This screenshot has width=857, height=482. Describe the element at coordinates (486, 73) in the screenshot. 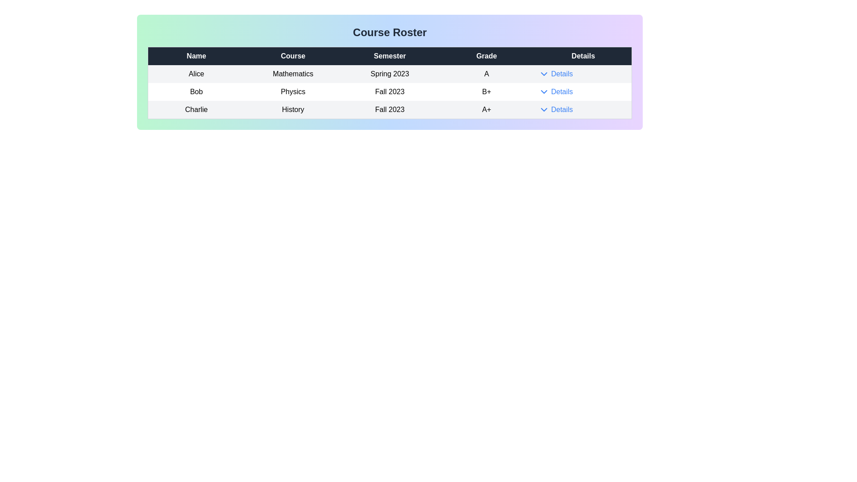

I see `the grade 'A' text for 'Alice' in the fourth cell of the table's 'Grade' column` at that location.